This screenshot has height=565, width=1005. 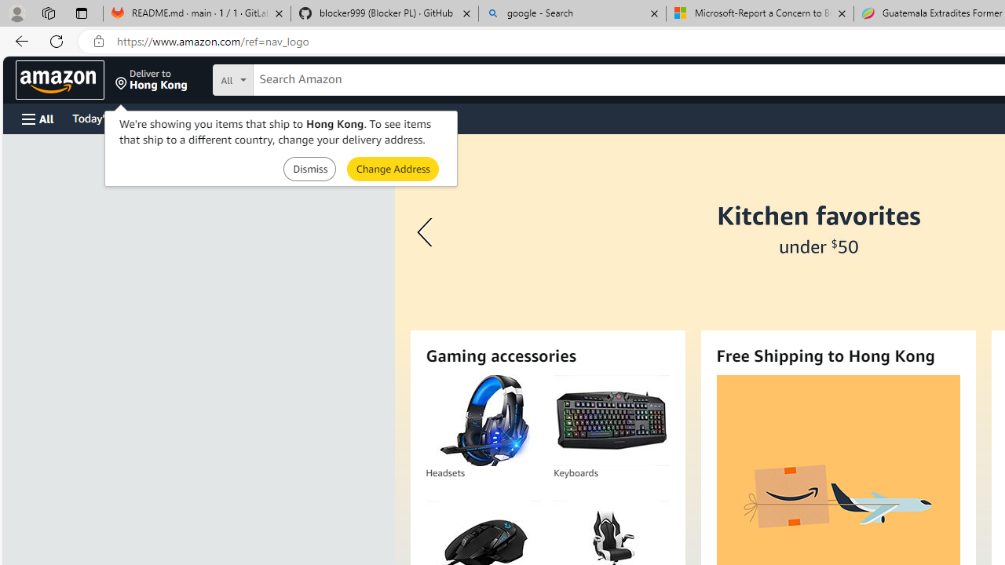 What do you see at coordinates (81, 13) in the screenshot?
I see `'Tab actions menu'` at bounding box center [81, 13].